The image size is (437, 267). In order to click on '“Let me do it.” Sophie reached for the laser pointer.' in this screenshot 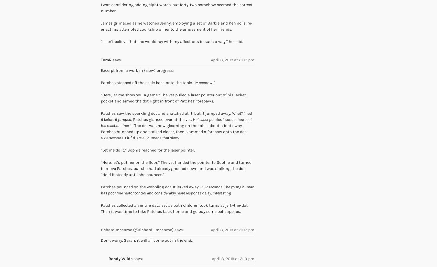, I will do `click(148, 149)`.